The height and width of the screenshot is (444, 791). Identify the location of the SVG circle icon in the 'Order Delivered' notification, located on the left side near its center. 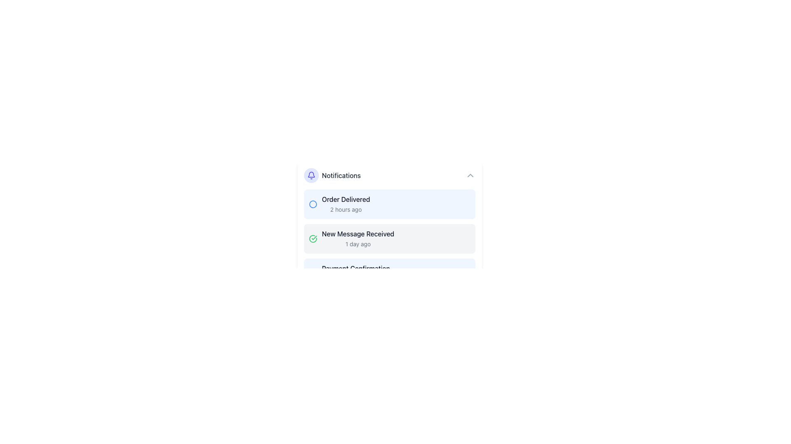
(312, 204).